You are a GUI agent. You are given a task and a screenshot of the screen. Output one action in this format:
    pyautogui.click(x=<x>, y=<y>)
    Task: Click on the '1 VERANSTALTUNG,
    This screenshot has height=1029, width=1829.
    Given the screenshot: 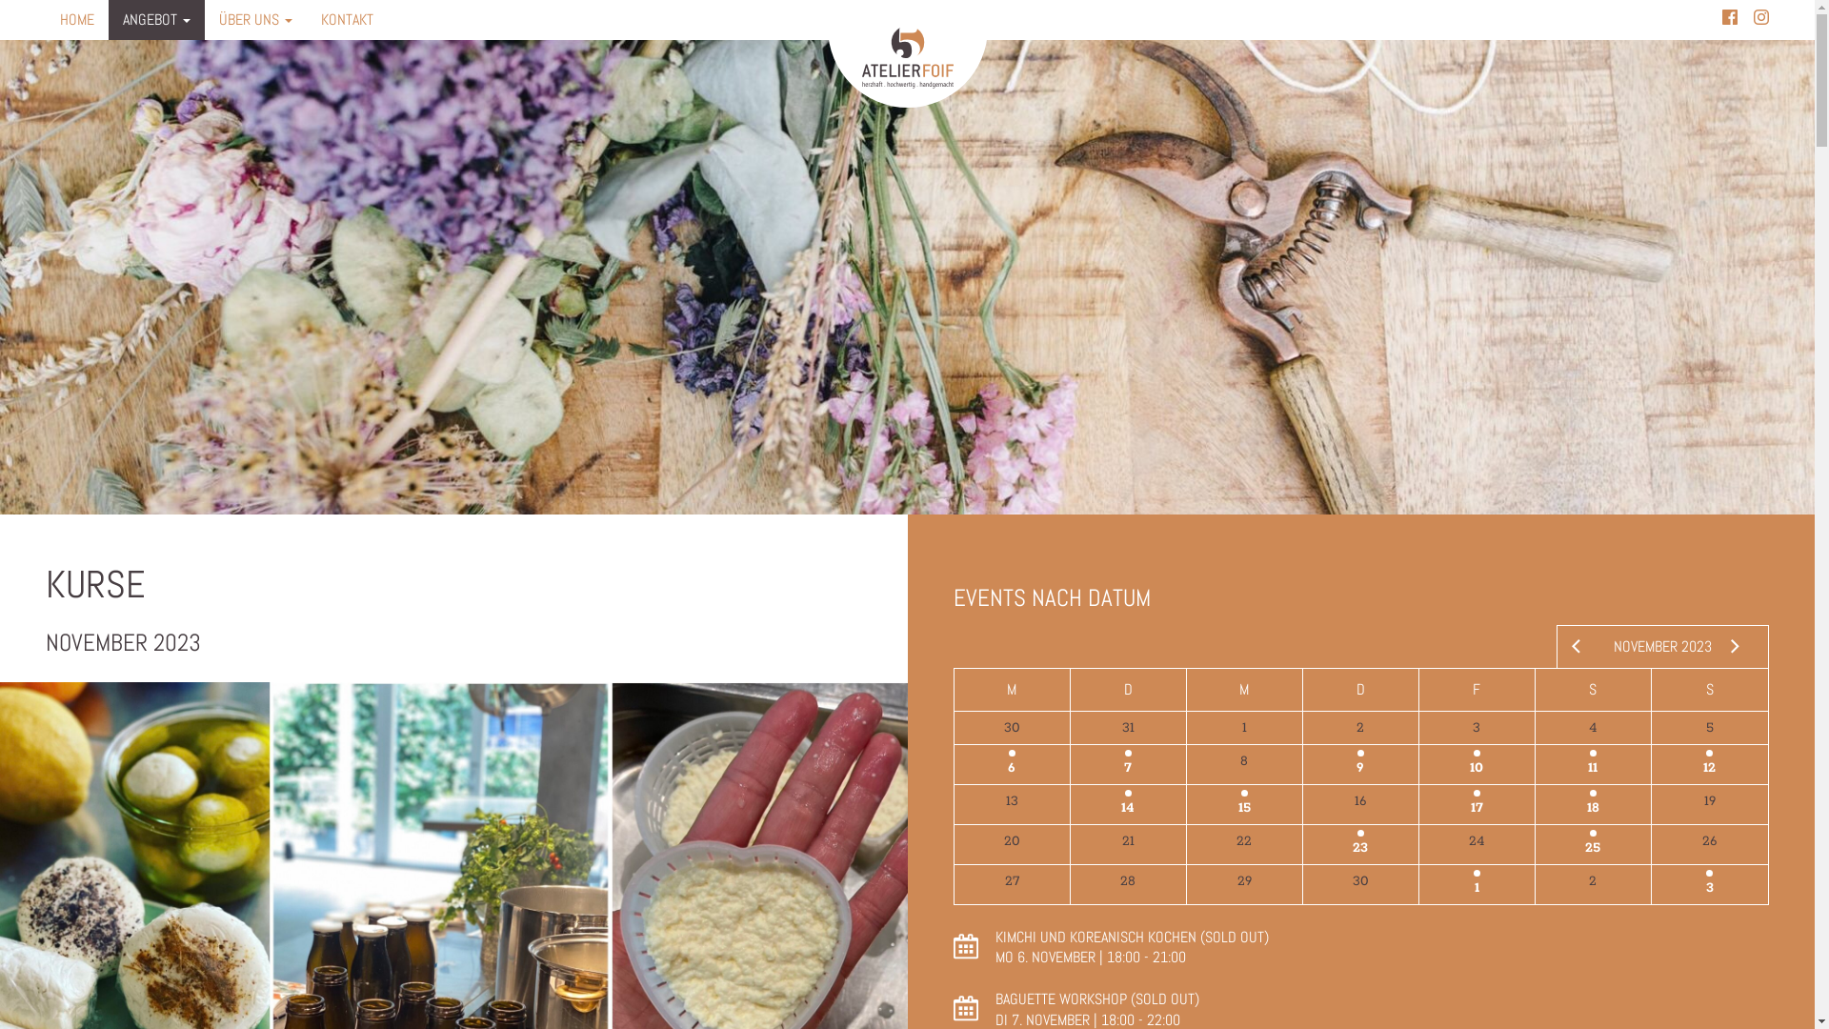 What is the action you would take?
    pyautogui.click(x=1593, y=763)
    